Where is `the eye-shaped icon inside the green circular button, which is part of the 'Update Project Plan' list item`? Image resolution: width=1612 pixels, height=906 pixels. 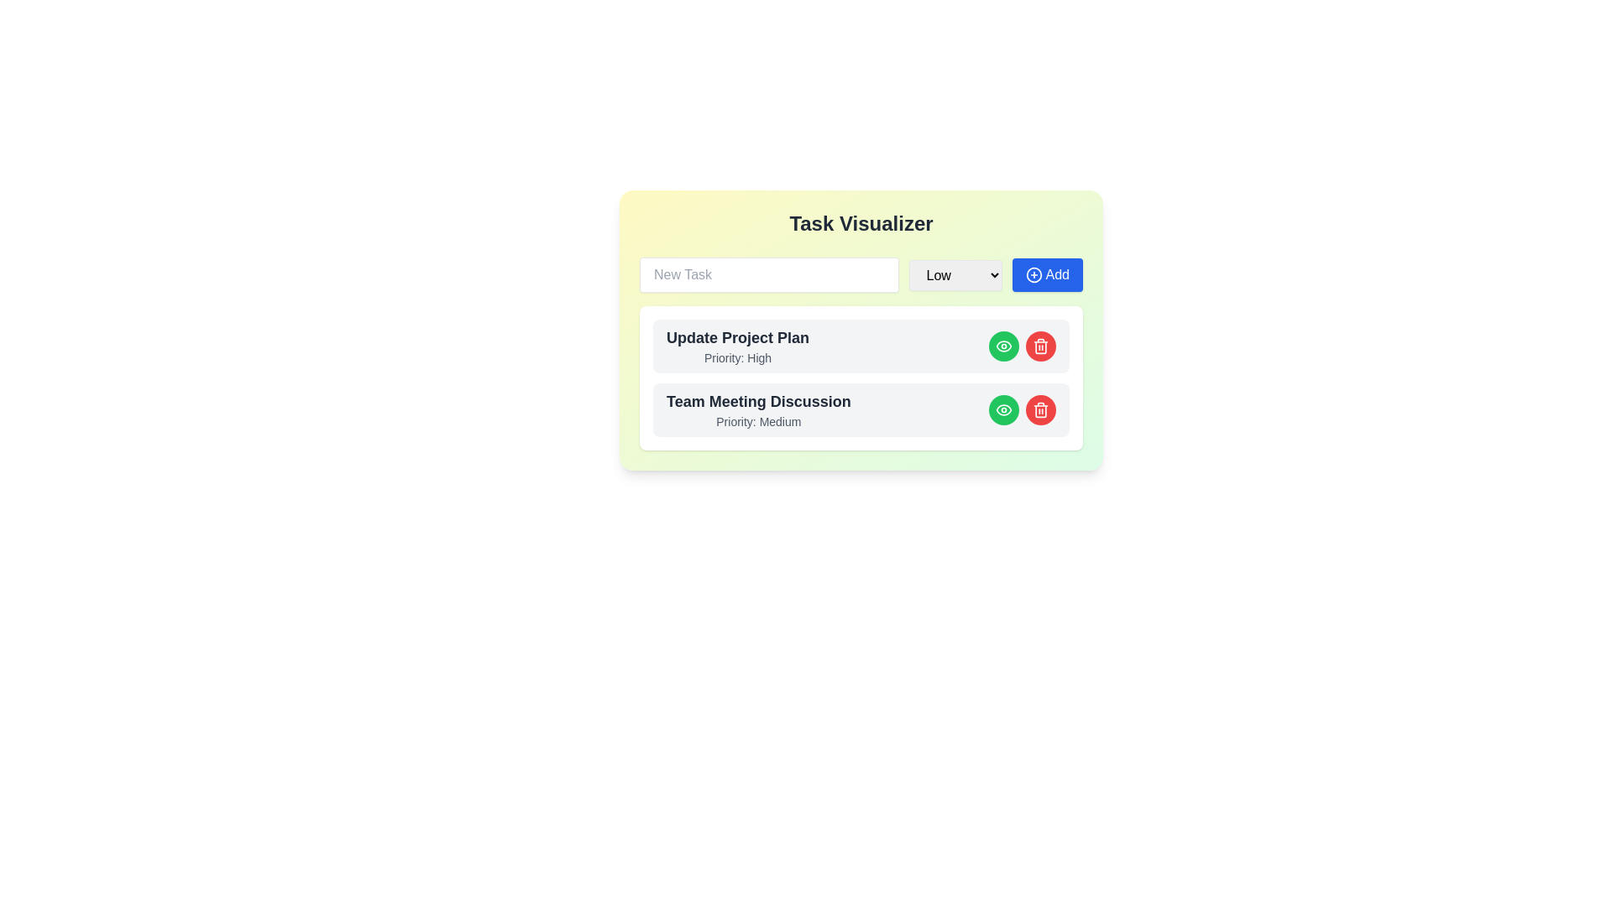
the eye-shaped icon inside the green circular button, which is part of the 'Update Project Plan' list item is located at coordinates (1003, 410).